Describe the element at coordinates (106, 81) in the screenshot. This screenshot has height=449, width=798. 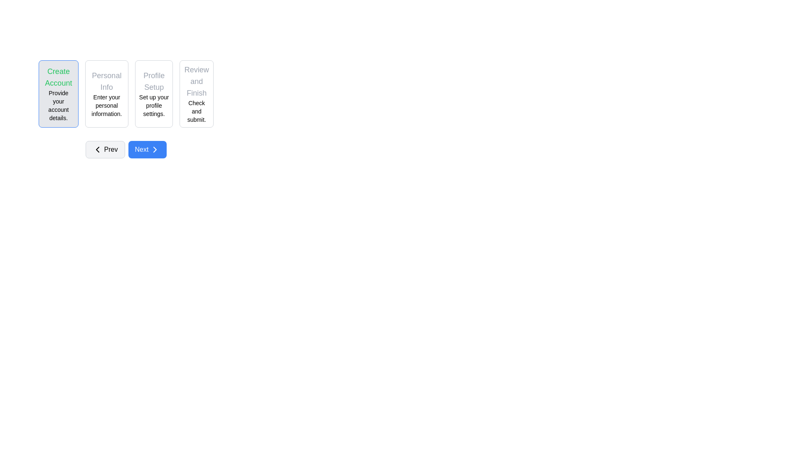
I see `the static text header located in the second box from the left, which identifies the context of the step above the text 'Enter your personal information'` at that location.